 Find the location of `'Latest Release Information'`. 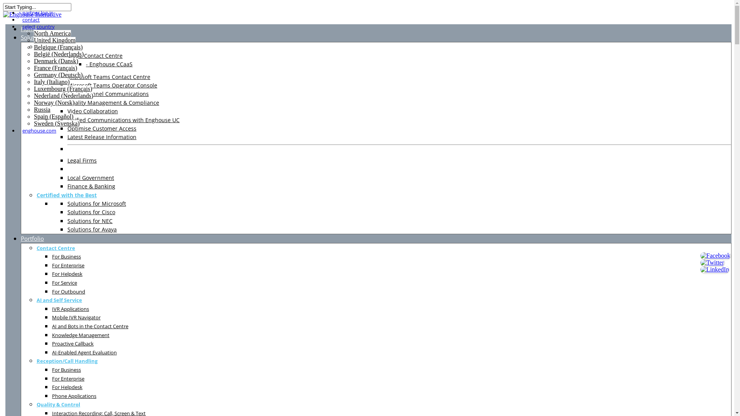

'Latest Release Information' is located at coordinates (101, 136).